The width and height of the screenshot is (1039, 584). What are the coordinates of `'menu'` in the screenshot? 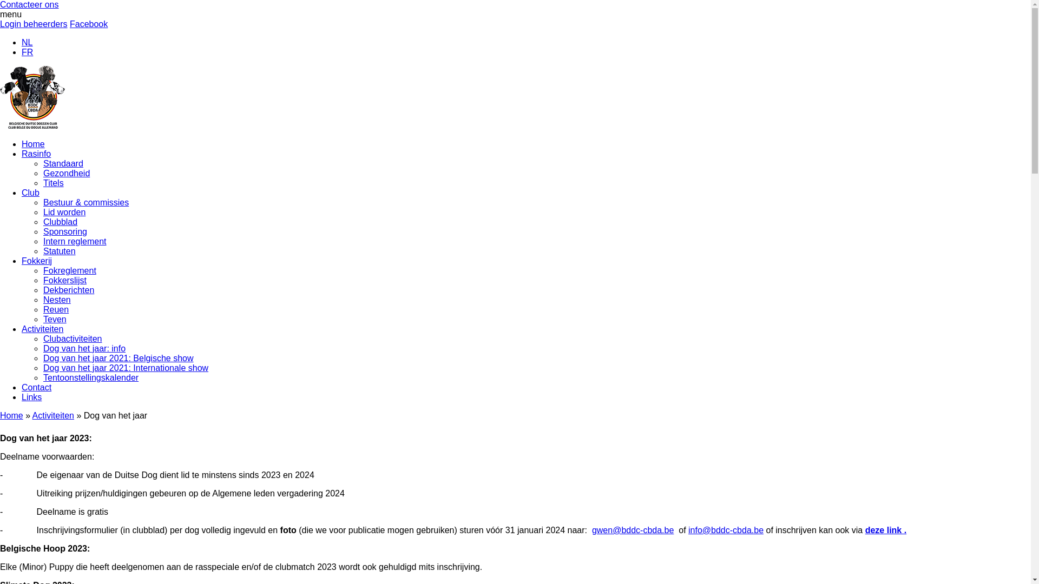 It's located at (10, 14).